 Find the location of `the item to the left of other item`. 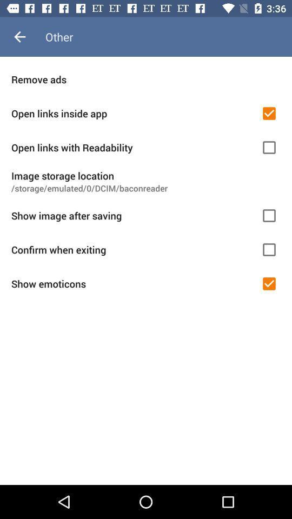

the item to the left of other item is located at coordinates (19, 37).